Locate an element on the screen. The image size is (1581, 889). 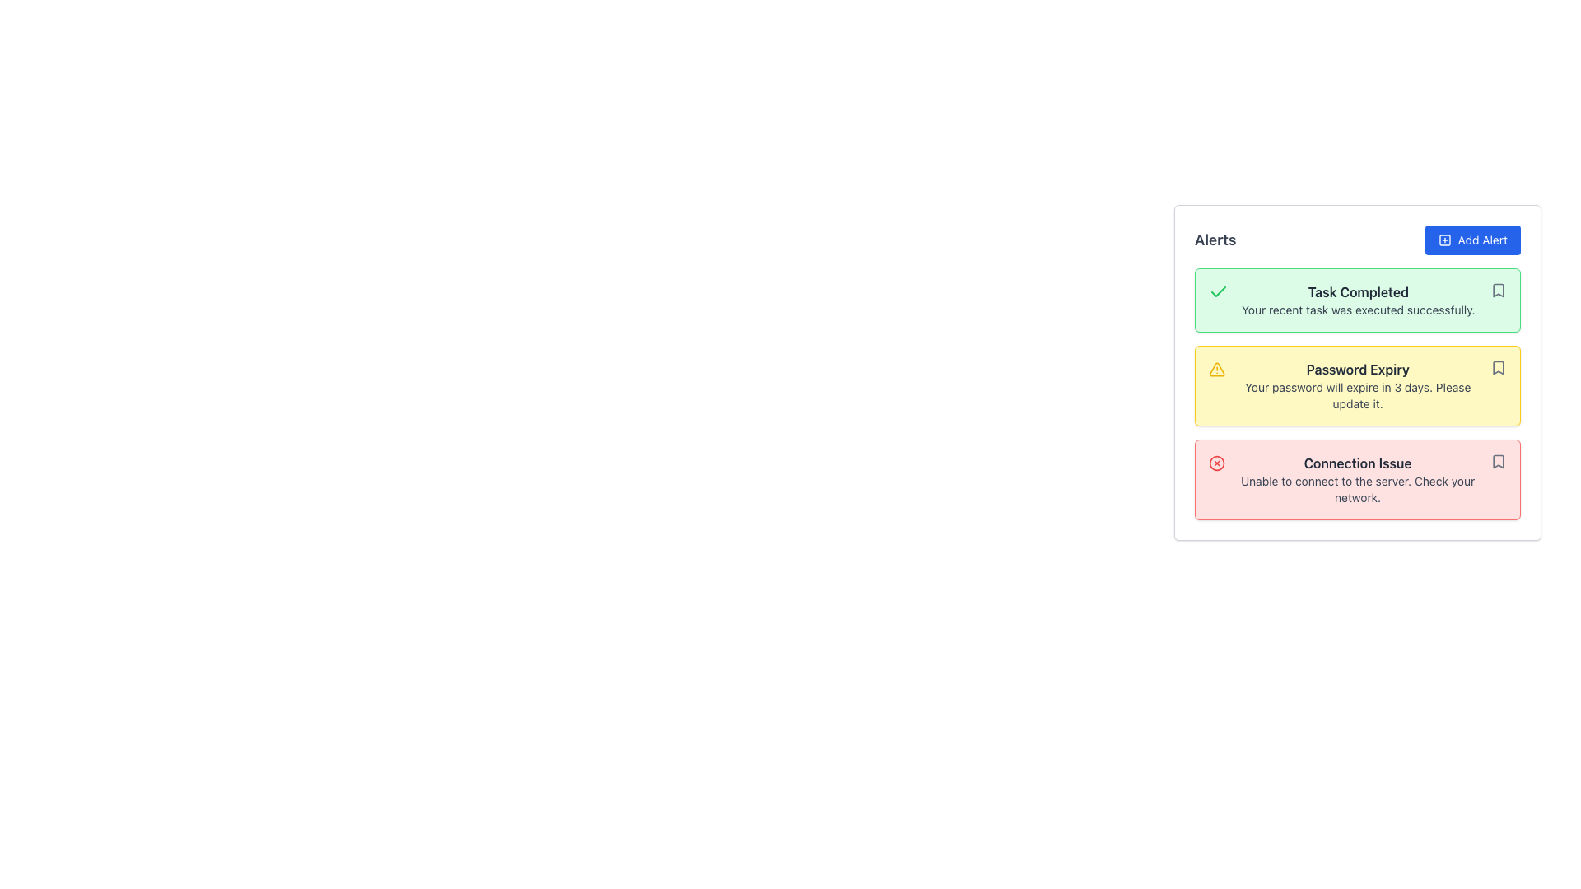
the leftmost icon in the red notification bar labeled 'Connection Issue' in the third row of the alert list, which indicates an issue or error related to the notification is located at coordinates (1217, 463).